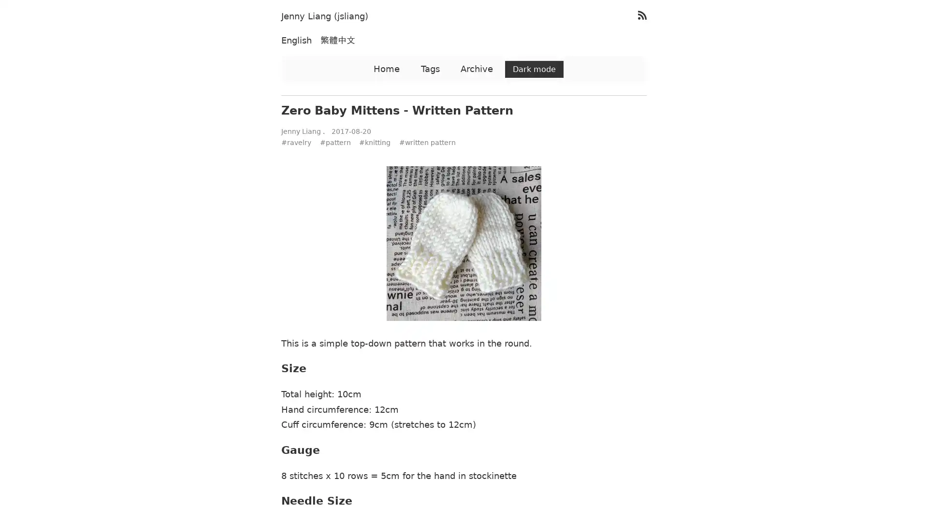 Image resolution: width=928 pixels, height=522 pixels. What do you see at coordinates (534, 69) in the screenshot?
I see `Dark mode` at bounding box center [534, 69].